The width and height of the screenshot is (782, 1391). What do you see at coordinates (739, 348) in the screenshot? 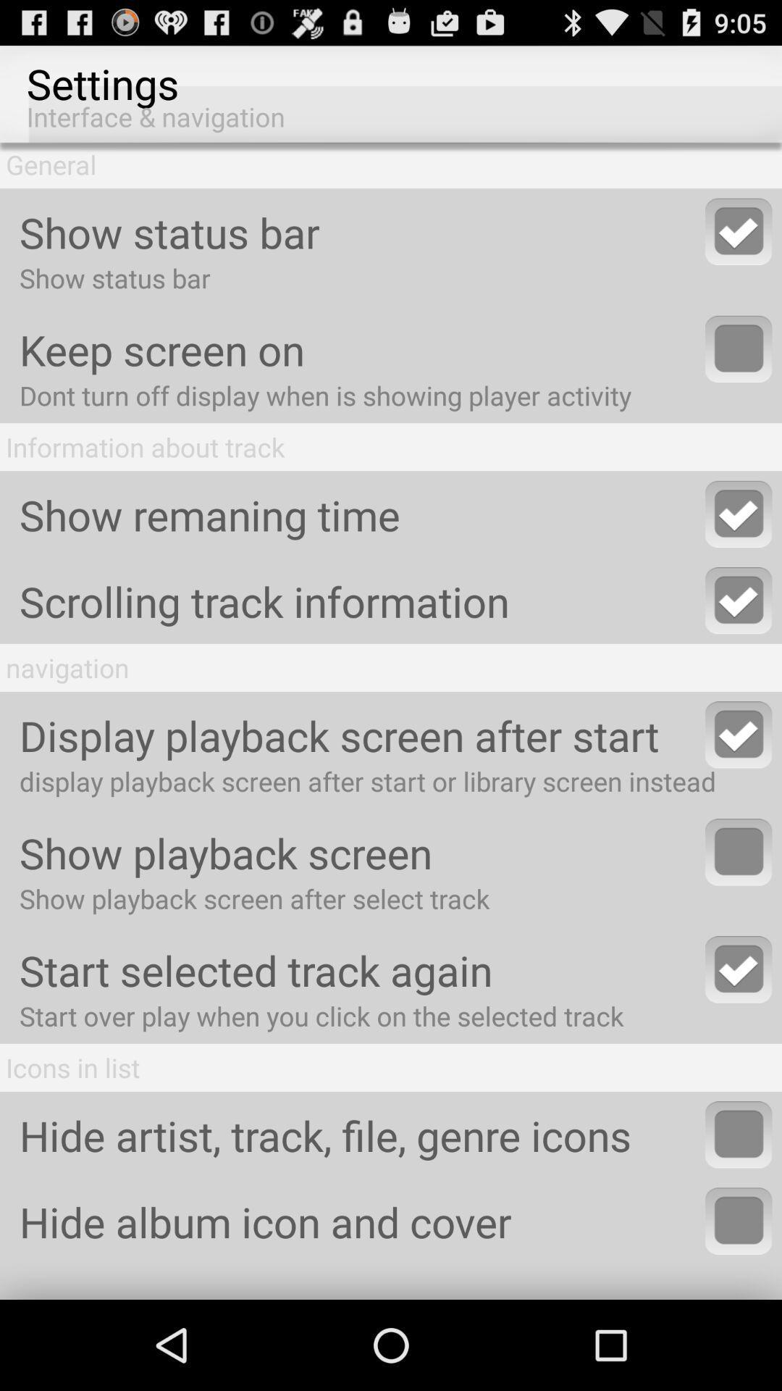
I see `toggles whether or not display is on or off during player activity` at bounding box center [739, 348].